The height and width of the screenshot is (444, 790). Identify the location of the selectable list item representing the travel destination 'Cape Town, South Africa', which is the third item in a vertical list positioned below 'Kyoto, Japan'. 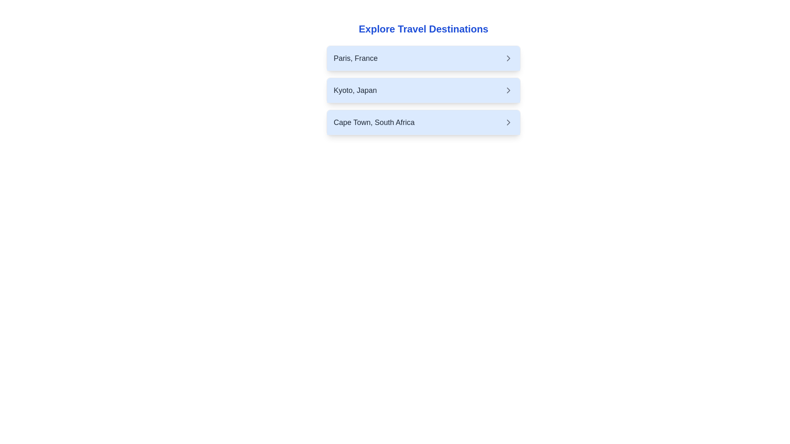
(423, 122).